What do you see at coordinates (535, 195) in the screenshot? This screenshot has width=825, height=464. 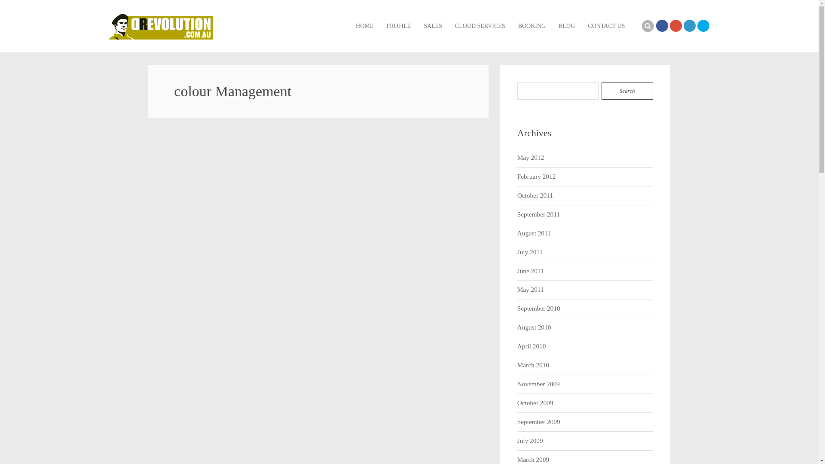 I see `'October 2011'` at bounding box center [535, 195].